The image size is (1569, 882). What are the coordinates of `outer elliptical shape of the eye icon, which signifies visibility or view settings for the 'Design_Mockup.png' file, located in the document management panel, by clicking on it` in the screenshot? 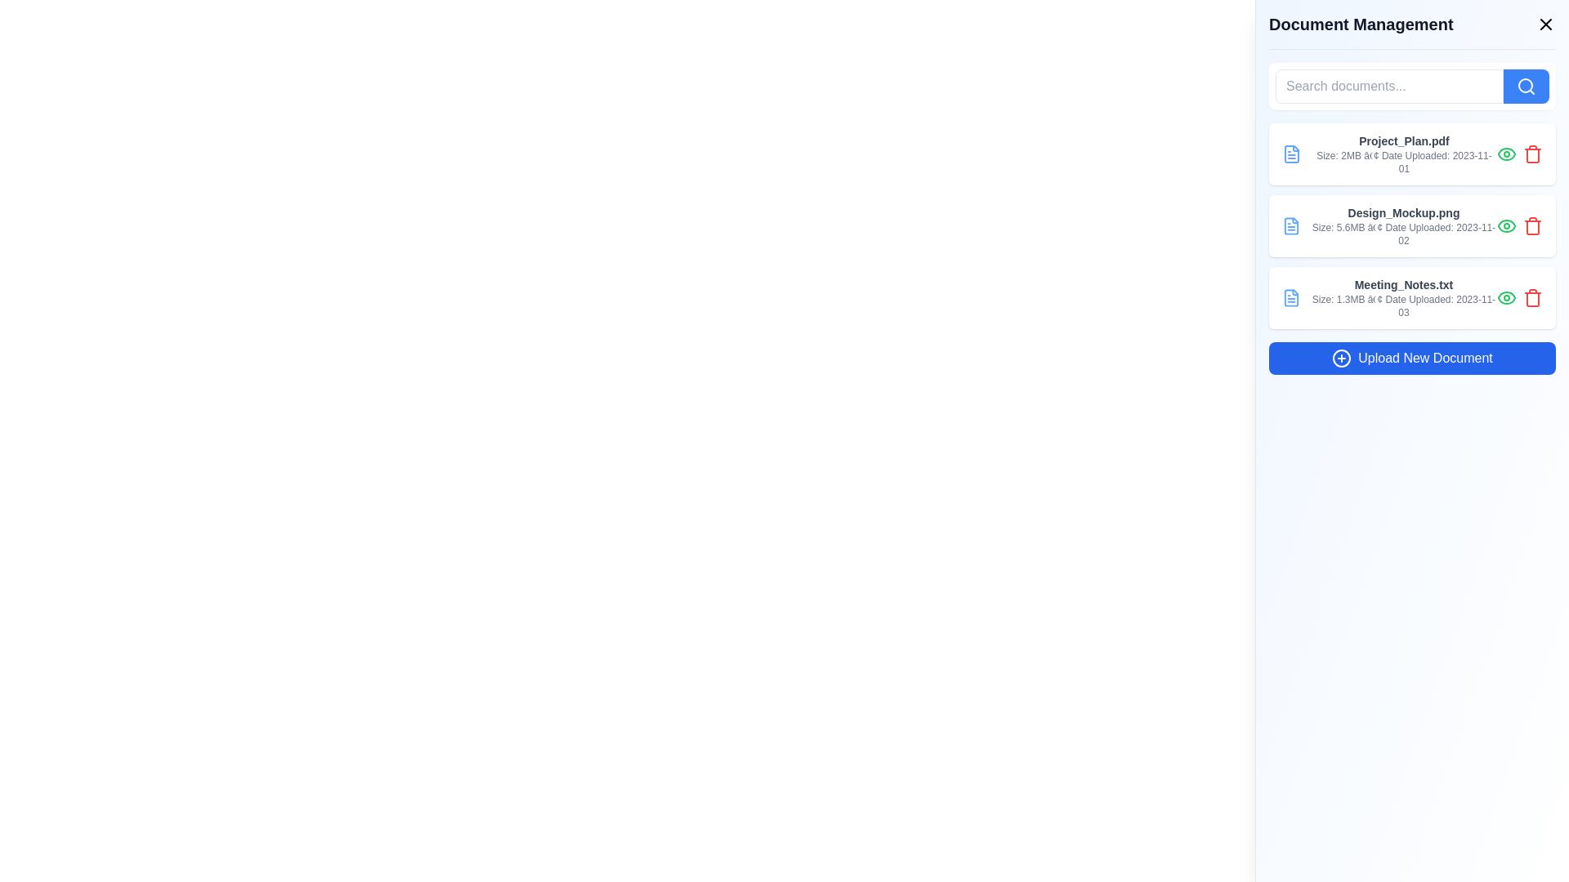 It's located at (1505, 226).